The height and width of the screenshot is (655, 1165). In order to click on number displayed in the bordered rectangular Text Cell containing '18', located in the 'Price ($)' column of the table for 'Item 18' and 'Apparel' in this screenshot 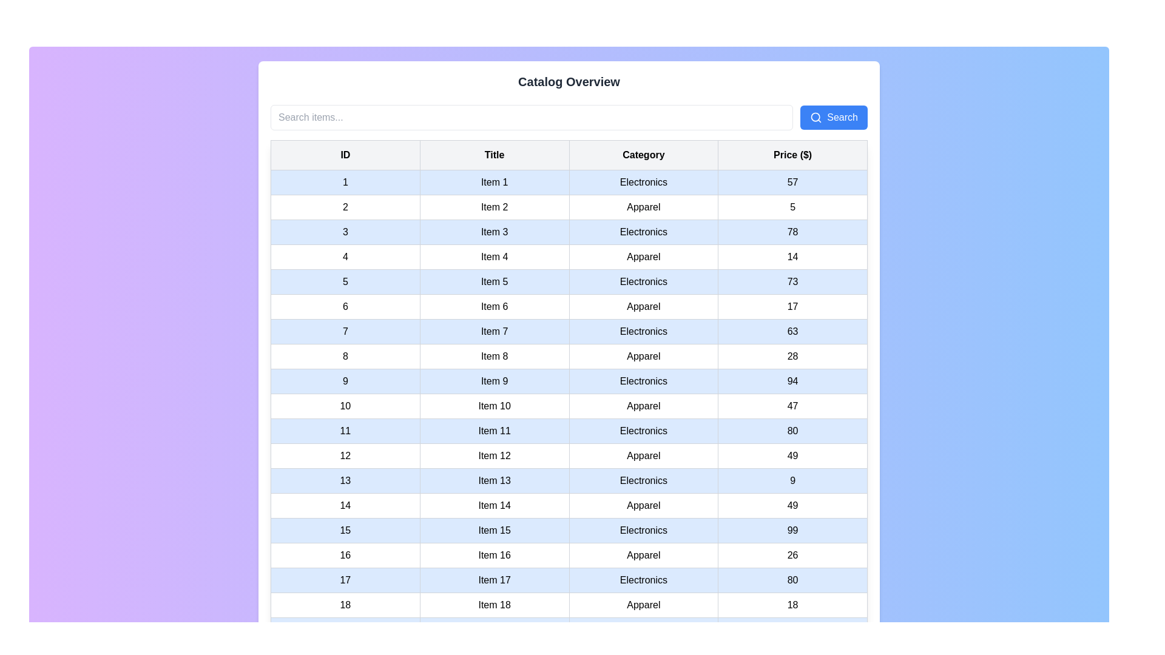, I will do `click(792, 605)`.